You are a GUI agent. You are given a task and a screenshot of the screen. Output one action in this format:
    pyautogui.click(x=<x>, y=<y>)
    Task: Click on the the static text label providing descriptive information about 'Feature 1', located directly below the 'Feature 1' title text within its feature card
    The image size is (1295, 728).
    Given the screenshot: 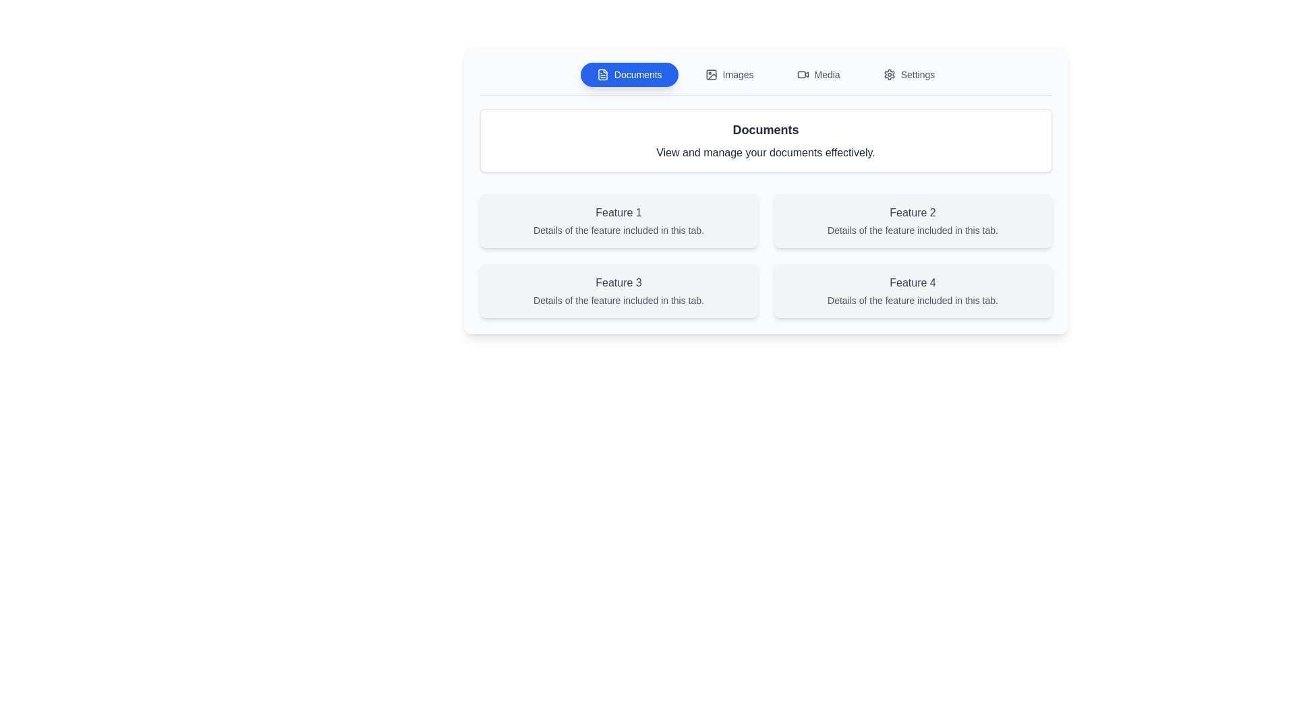 What is the action you would take?
    pyautogui.click(x=618, y=230)
    